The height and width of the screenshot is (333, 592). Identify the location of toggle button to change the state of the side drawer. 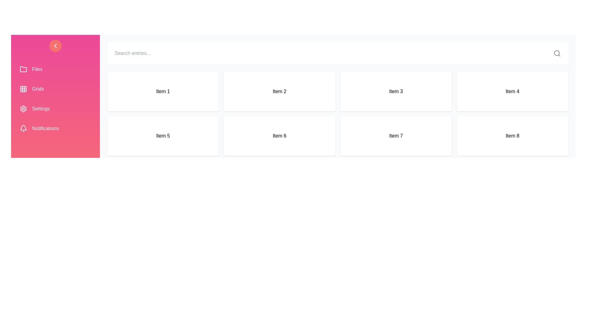
(55, 46).